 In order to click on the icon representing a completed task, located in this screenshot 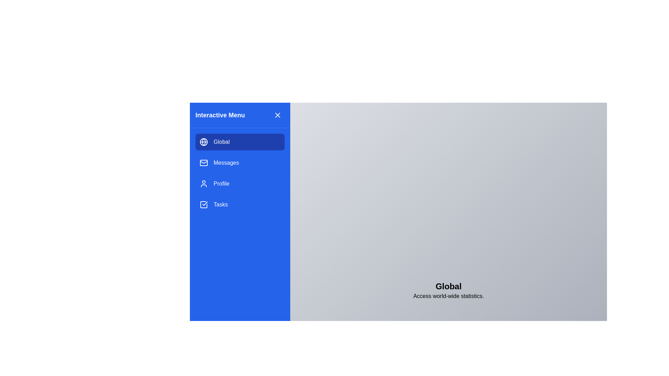, I will do `click(203, 204)`.